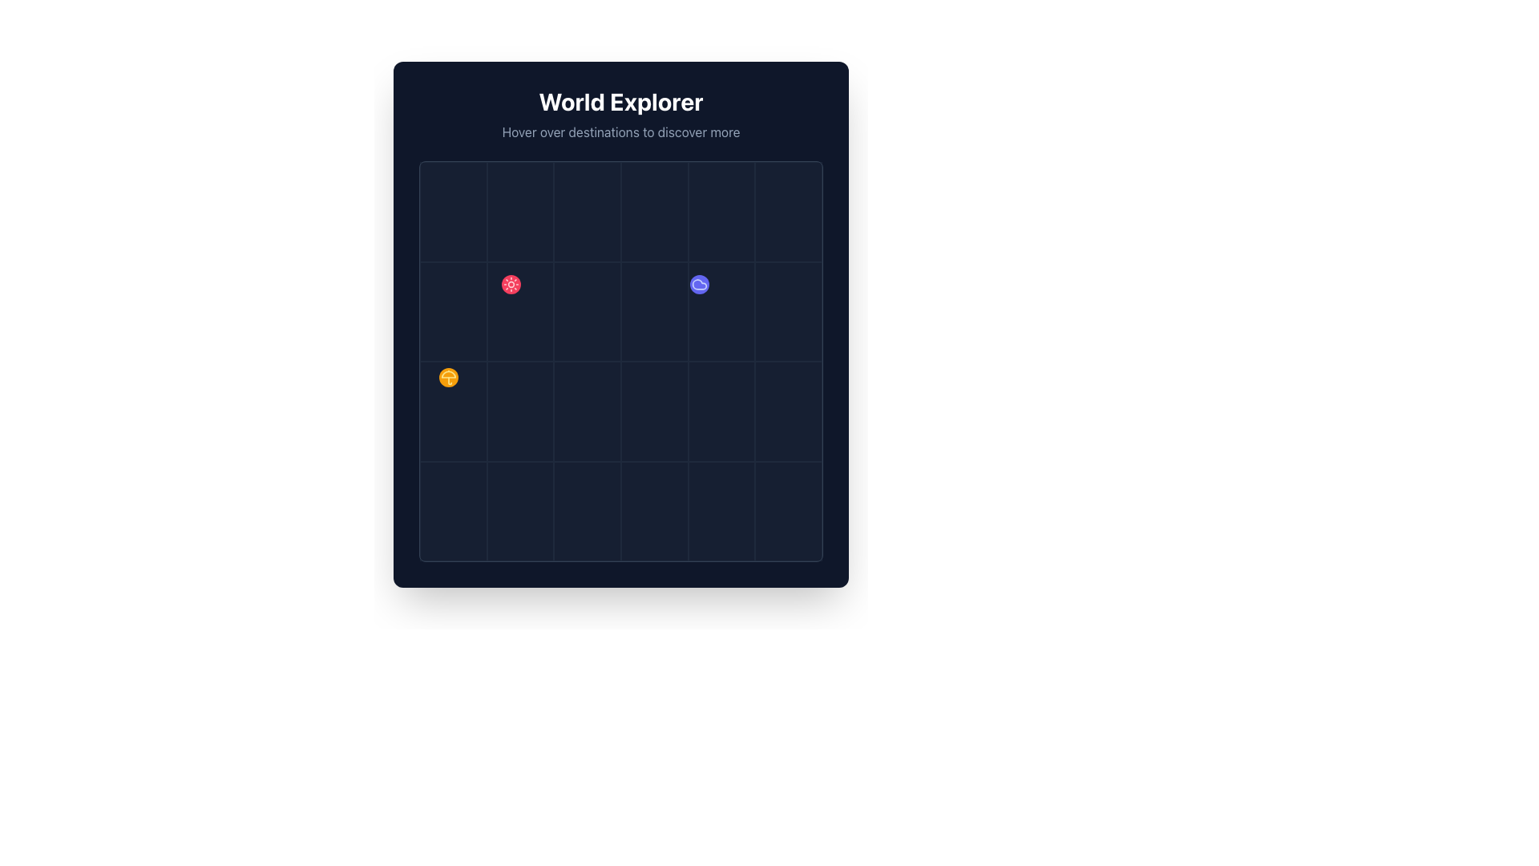 The image size is (1539, 866). Describe the element at coordinates (452, 511) in the screenshot. I see `the rectangular grid cell located` at that location.